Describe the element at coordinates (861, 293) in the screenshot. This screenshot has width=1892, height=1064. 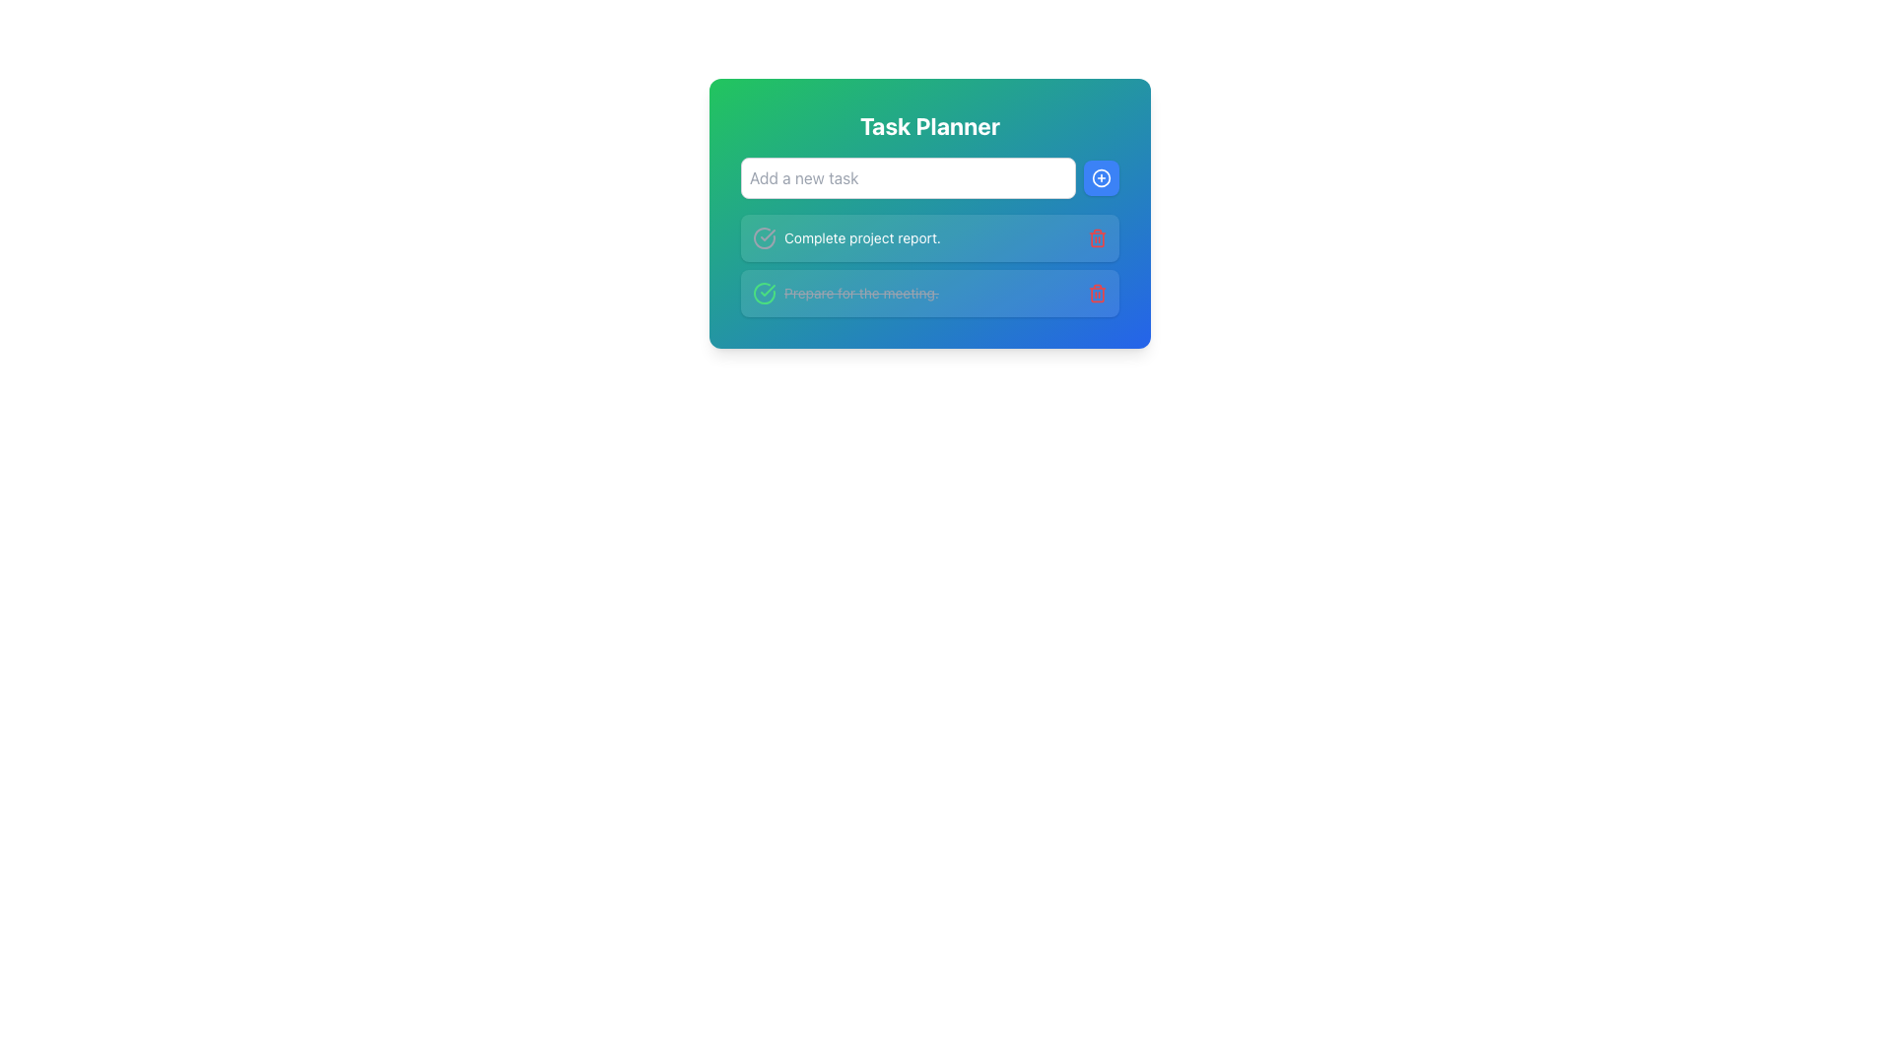
I see `the text element 'Prepare for the meeting.' which is displayed with a gray strikethrough font style, indicating task completion, located in the second task item of the 'Task Planner' section` at that location.